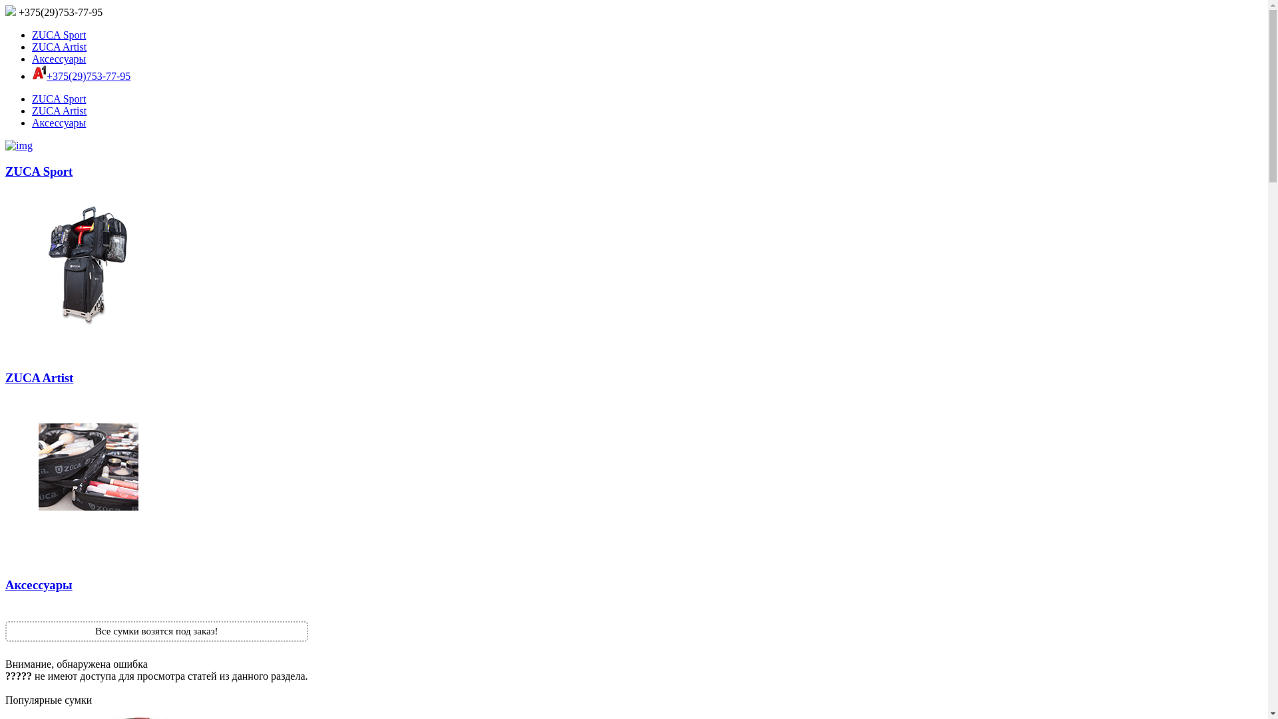 This screenshot has height=719, width=1278. What do you see at coordinates (58, 98) in the screenshot?
I see `'ZUCA Sport'` at bounding box center [58, 98].